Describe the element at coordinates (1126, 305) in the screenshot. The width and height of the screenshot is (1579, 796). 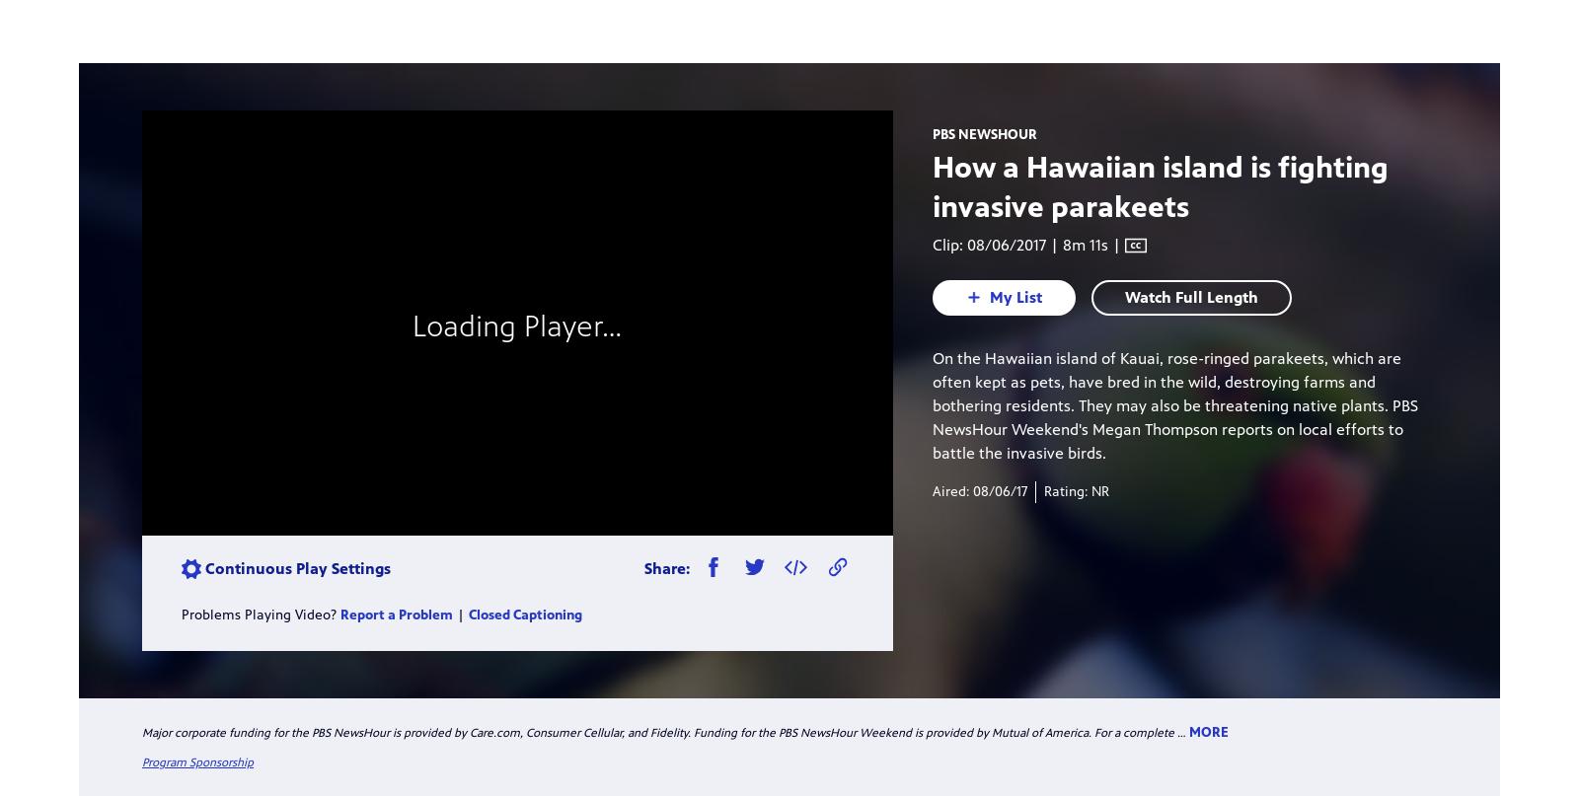
I see `'Johnny Cash: Man in Black -- Live in Denmark 1971'` at that location.